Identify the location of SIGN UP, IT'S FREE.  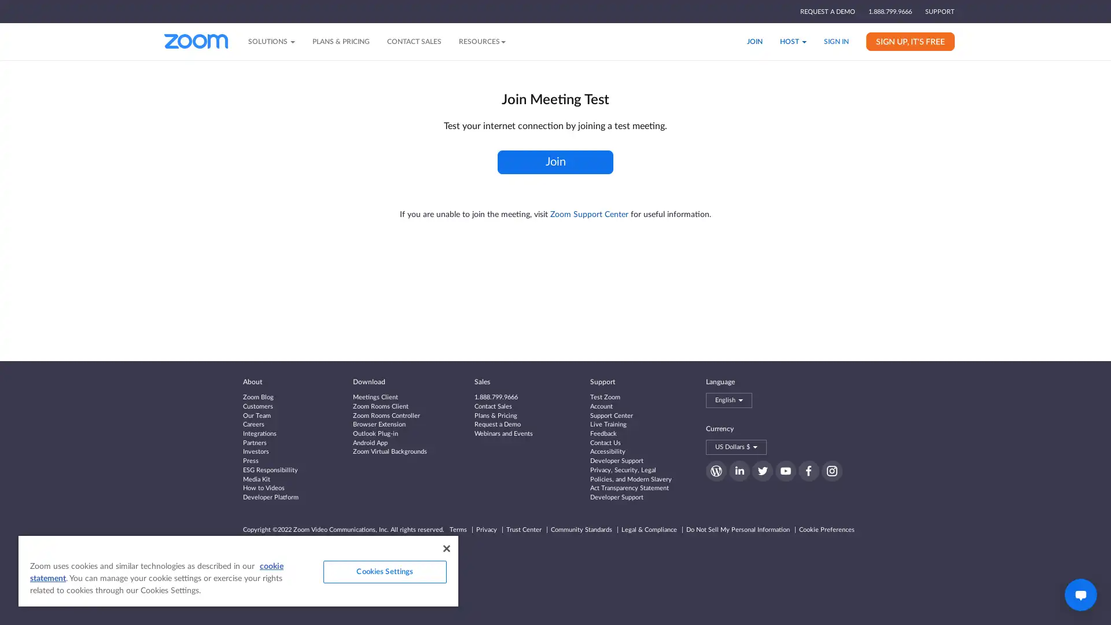
(910, 40).